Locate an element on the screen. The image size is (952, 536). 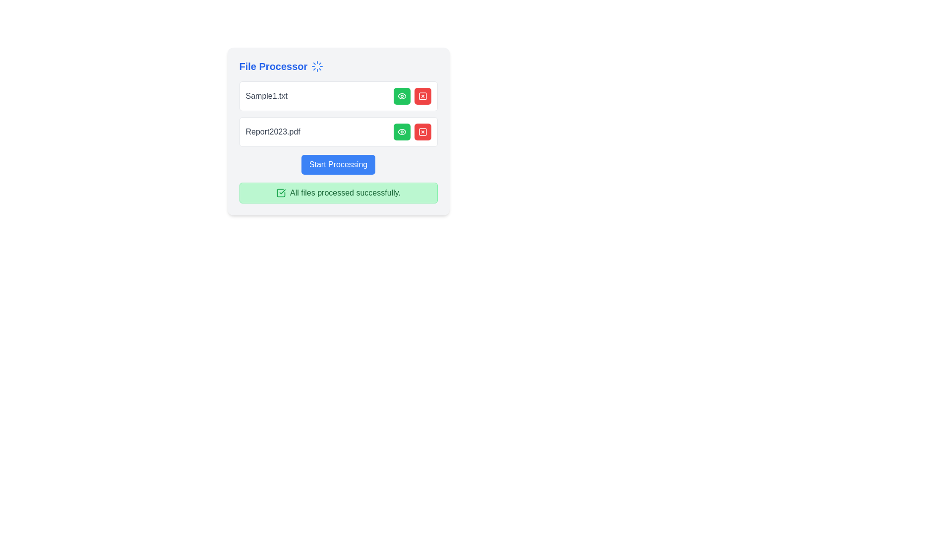
the first interactive green button in the 'File Processor' section is located at coordinates (402, 96).